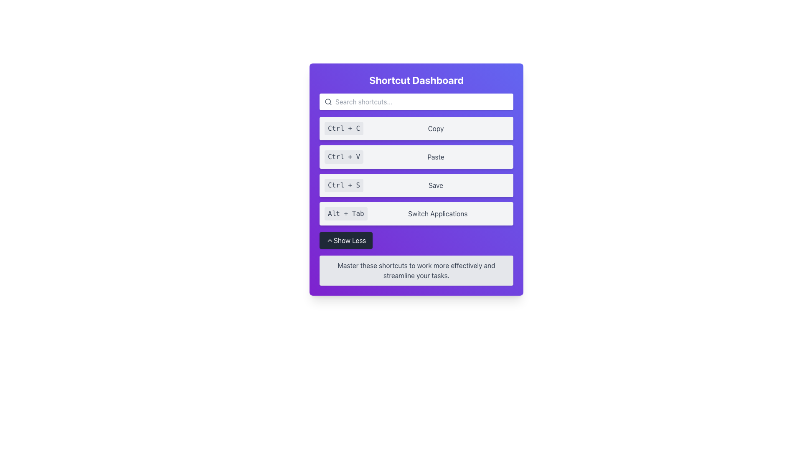  I want to click on SVG circle that represents the search icon, located at the top of the Shortcut Dashboard modal, to the left of the search input field, so click(327, 101).